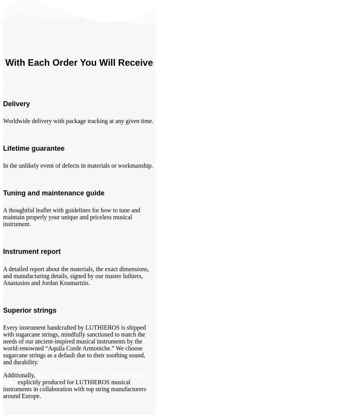 The image size is (349, 415). I want to click on 'Instrument report', so click(31, 251).